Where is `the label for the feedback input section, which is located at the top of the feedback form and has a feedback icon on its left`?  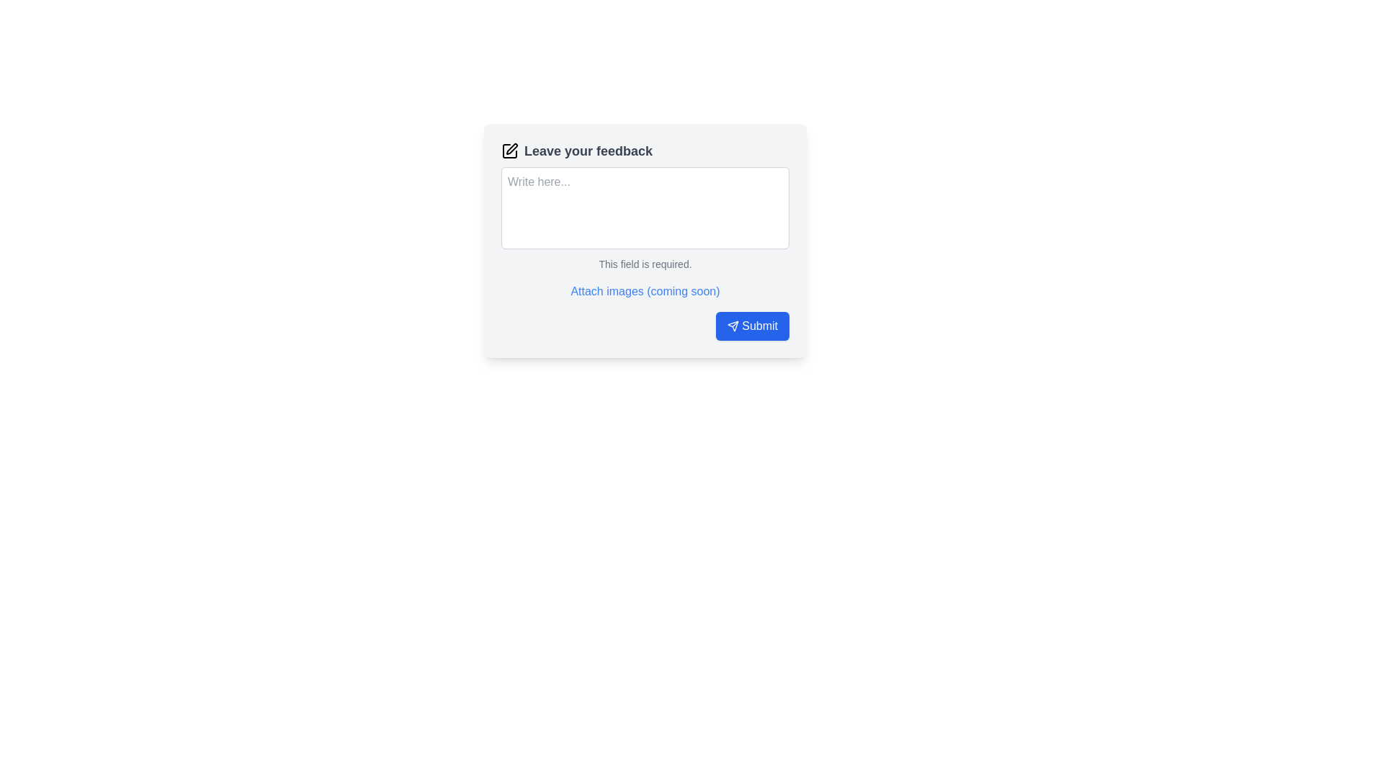 the label for the feedback input section, which is located at the top of the feedback form and has a feedback icon on its left is located at coordinates (645, 151).